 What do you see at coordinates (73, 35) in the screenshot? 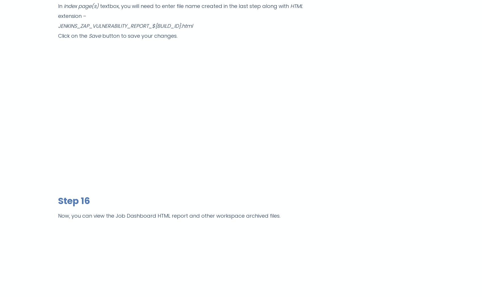
I see `'Click on the'` at bounding box center [73, 35].